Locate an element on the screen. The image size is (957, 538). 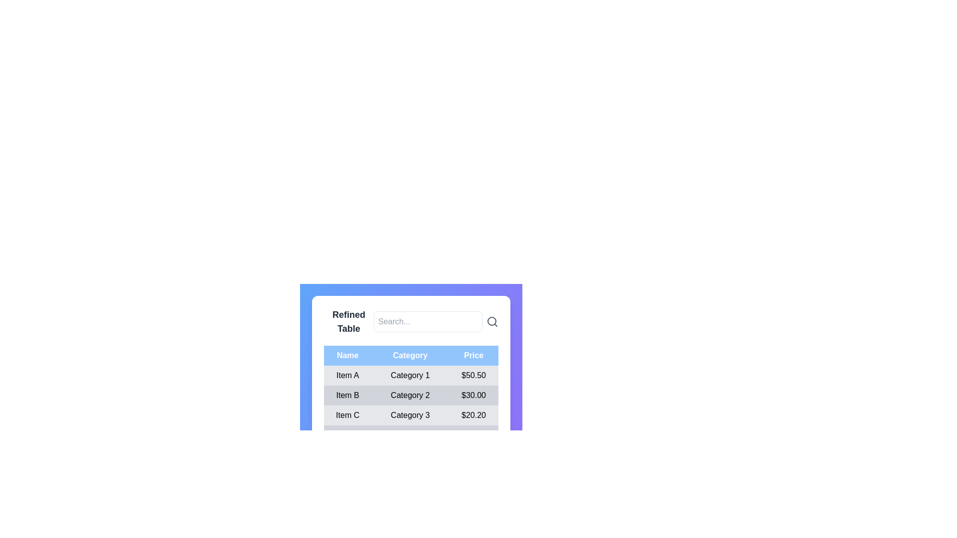
the 'Category' column header cell, which is the second header cell in the table row, located centrally within a blue header bar is located at coordinates (410, 355).